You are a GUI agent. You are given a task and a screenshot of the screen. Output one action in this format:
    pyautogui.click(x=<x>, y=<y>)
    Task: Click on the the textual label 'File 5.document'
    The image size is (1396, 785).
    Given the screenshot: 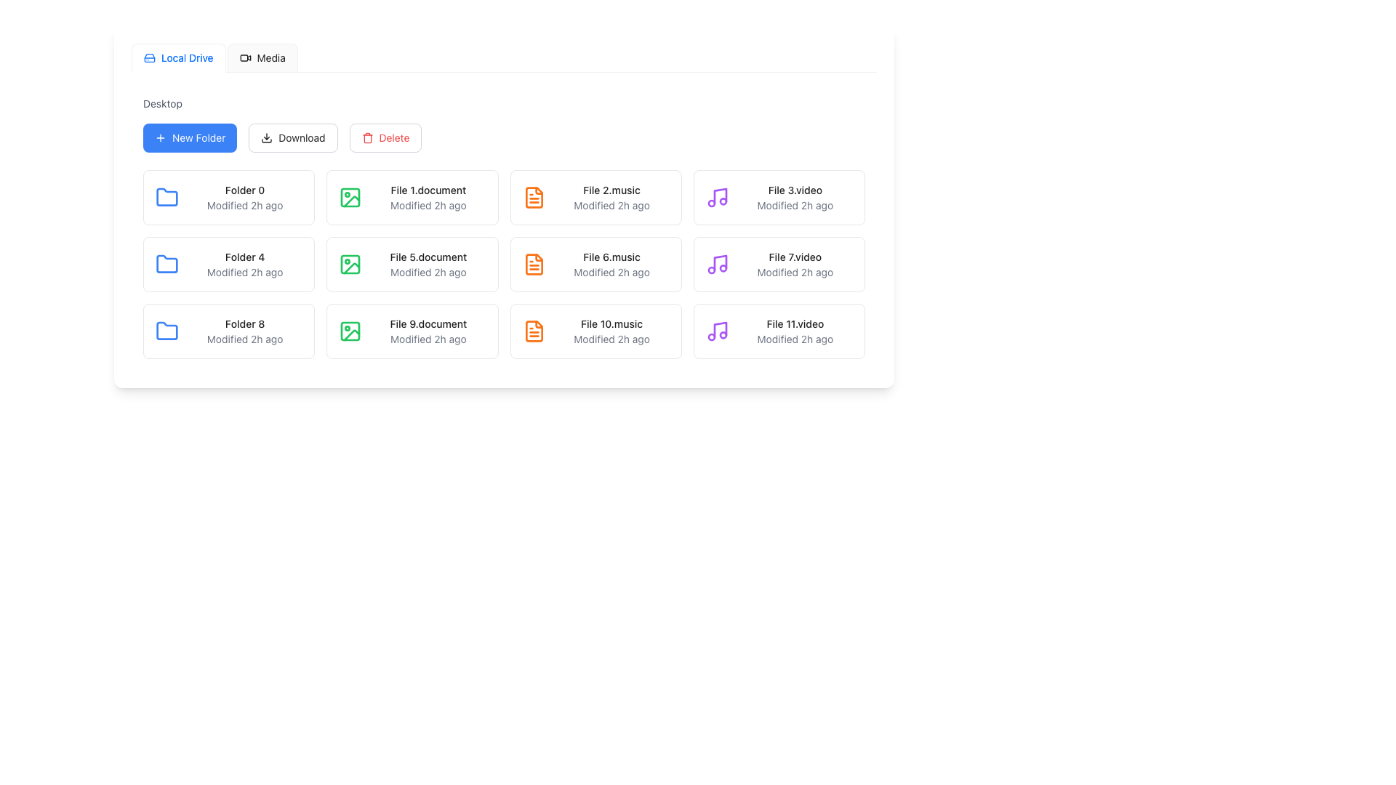 What is the action you would take?
    pyautogui.click(x=428, y=257)
    